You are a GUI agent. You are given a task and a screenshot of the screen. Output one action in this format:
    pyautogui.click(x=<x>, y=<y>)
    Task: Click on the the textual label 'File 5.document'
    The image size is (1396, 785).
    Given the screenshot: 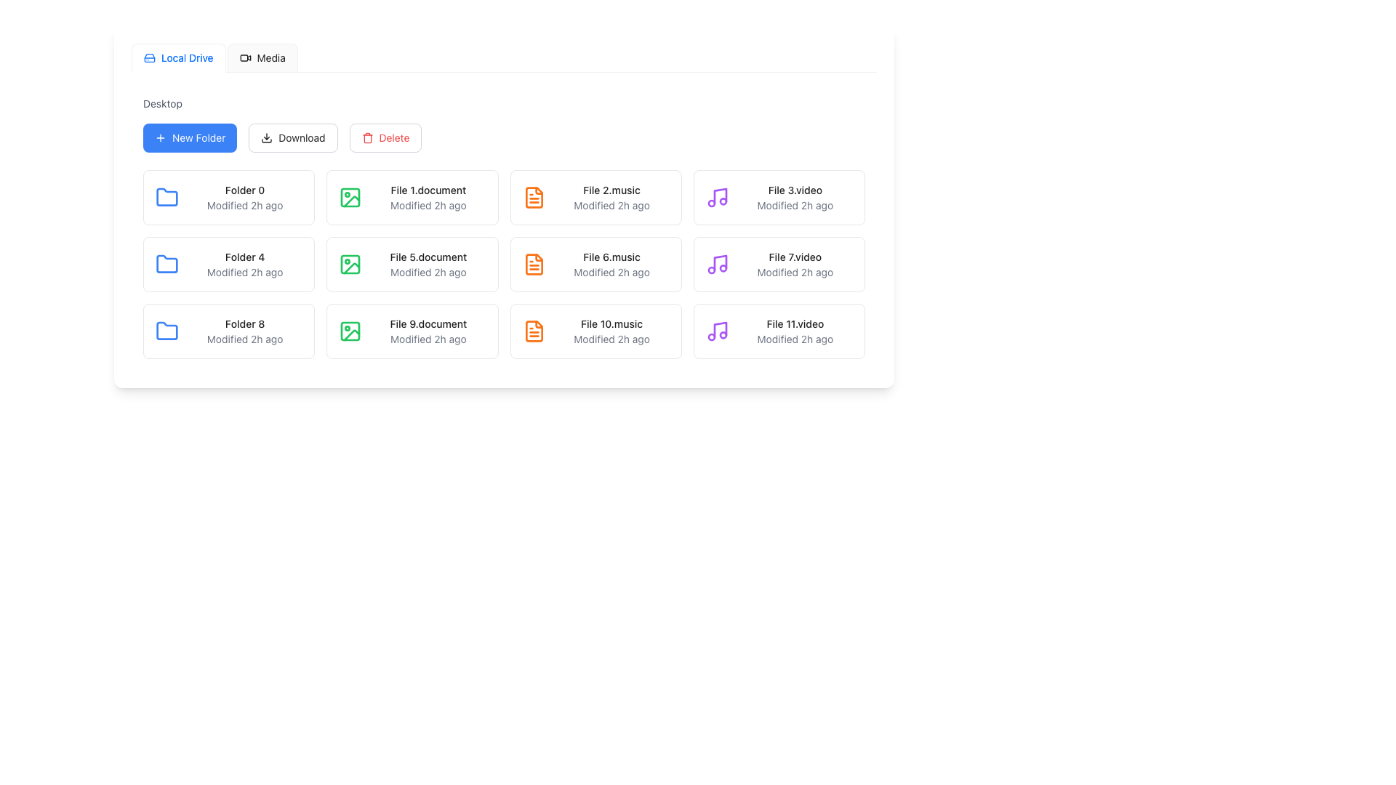 What is the action you would take?
    pyautogui.click(x=428, y=257)
    